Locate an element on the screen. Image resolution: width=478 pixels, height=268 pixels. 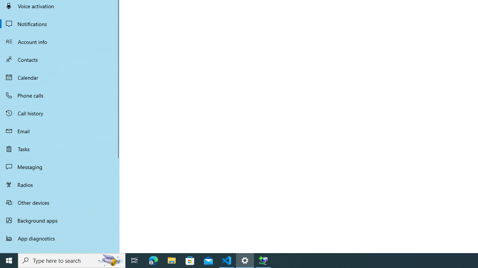
'Phone calls' is located at coordinates (60, 95).